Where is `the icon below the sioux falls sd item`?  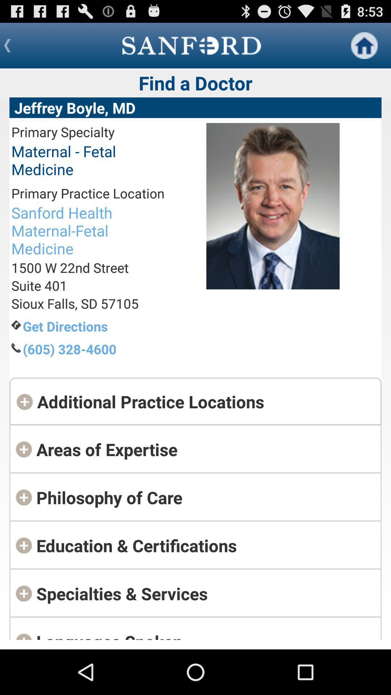
the icon below the sioux falls sd item is located at coordinates (93, 326).